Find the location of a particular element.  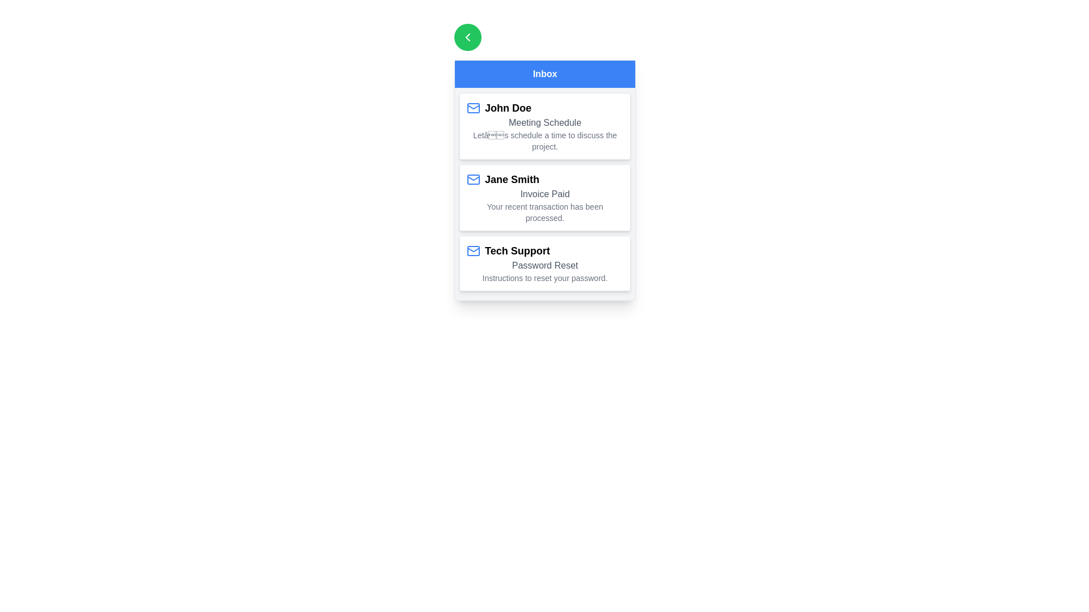

the email item corresponding to John Doe is located at coordinates (544, 126).